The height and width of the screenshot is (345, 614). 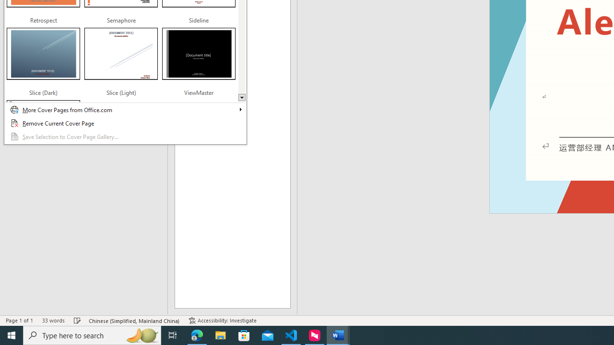 I want to click on 'Word - 2 running windows', so click(x=338, y=334).